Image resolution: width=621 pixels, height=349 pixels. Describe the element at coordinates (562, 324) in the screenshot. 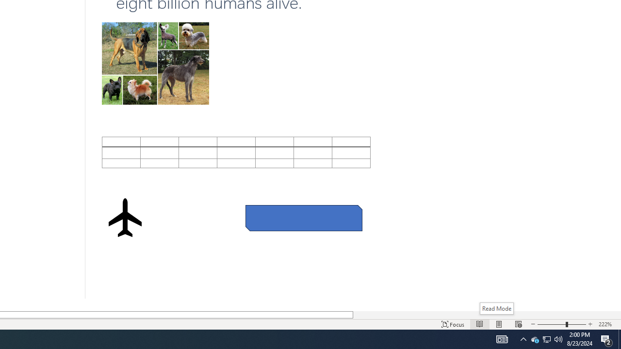

I see `'Text Size'` at that location.